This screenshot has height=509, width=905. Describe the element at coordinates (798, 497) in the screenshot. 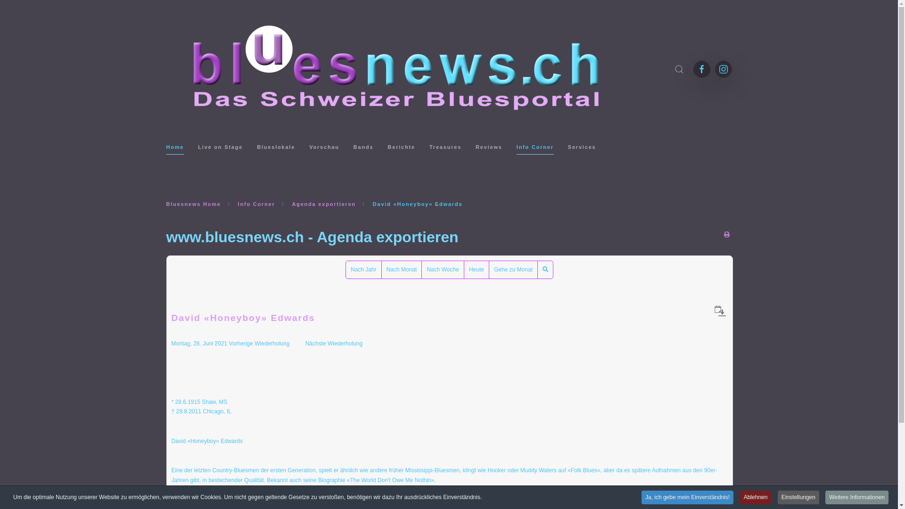

I see `'Einstellungen'` at that location.